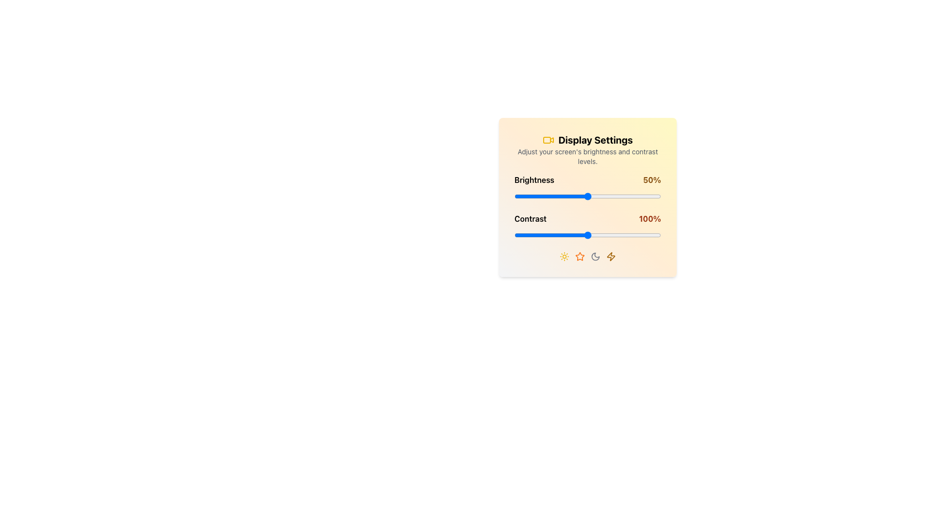 This screenshot has width=932, height=524. What do you see at coordinates (587, 197) in the screenshot?
I see `the icons in the display settings menu panel` at bounding box center [587, 197].